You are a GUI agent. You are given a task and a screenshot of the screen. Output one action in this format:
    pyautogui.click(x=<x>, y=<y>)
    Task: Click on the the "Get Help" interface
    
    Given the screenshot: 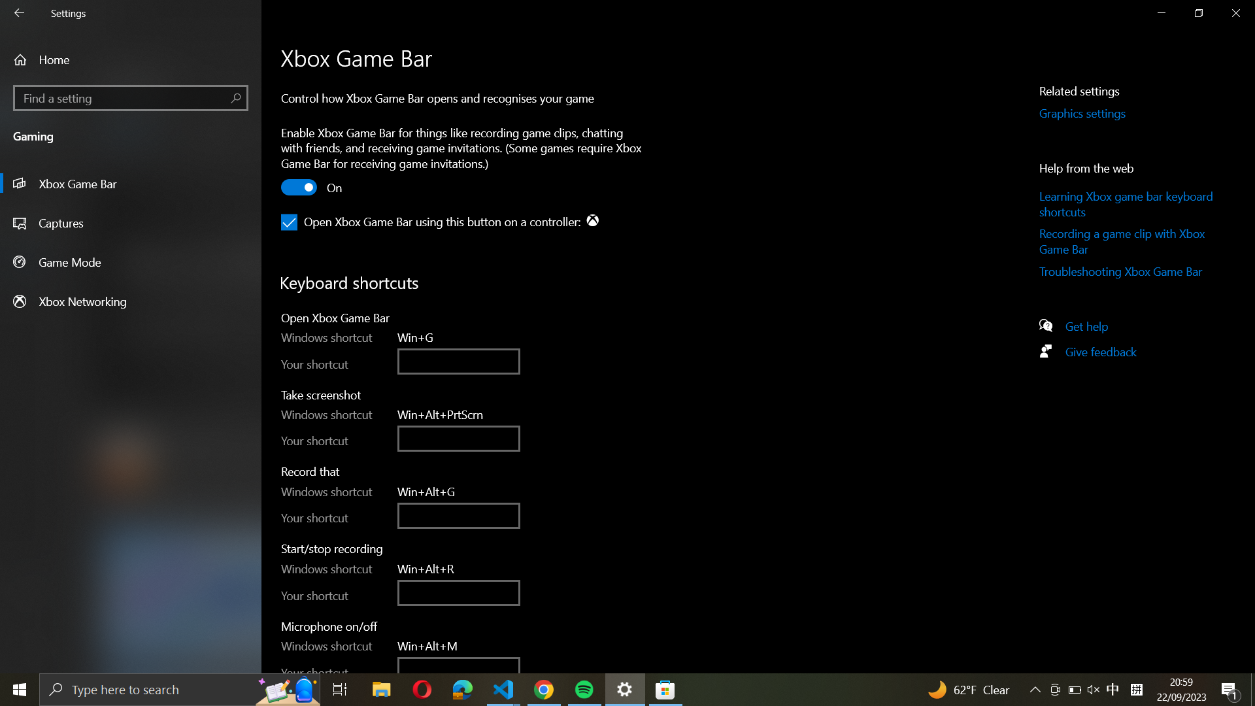 What is the action you would take?
    pyautogui.click(x=1092, y=324)
    